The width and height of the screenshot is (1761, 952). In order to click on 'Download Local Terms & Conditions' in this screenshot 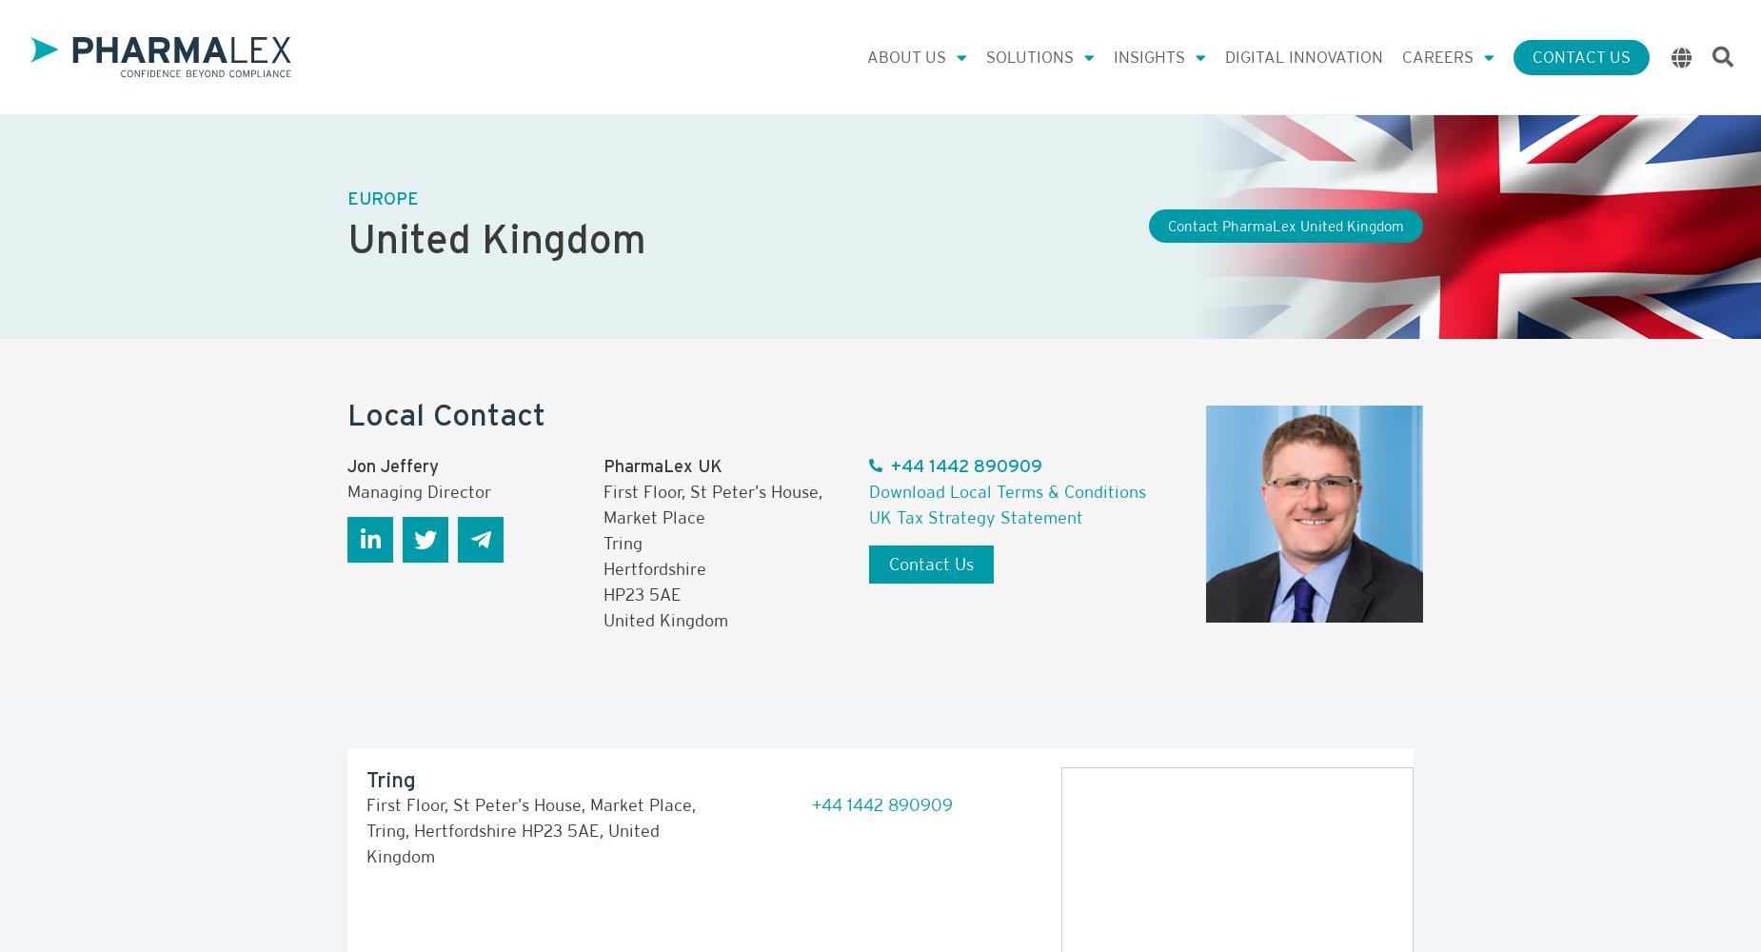, I will do `click(1006, 490)`.